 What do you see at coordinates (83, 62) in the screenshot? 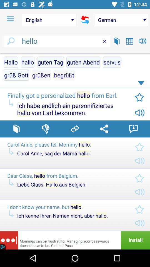
I see `item next to the servus icon` at bounding box center [83, 62].